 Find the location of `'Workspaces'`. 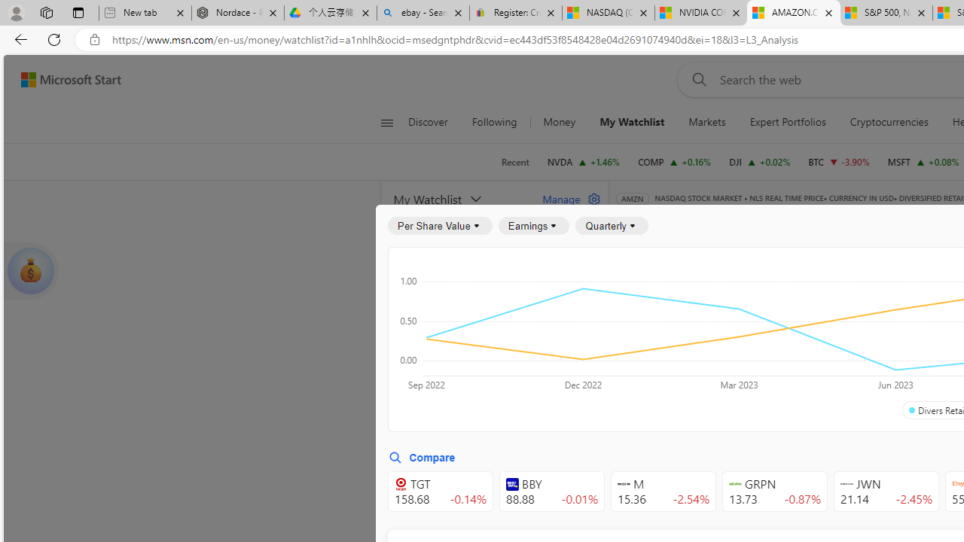

'Workspaces' is located at coordinates (46, 12).